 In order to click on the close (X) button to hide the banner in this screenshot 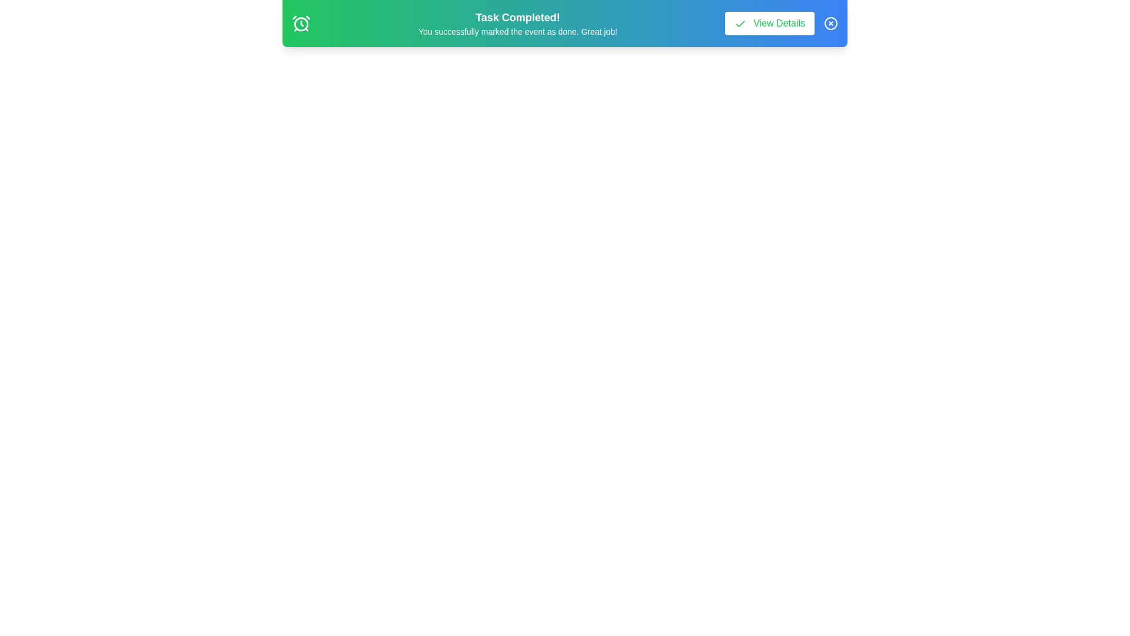, I will do `click(830, 23)`.